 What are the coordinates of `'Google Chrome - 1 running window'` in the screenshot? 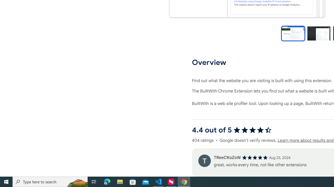 It's located at (184, 181).